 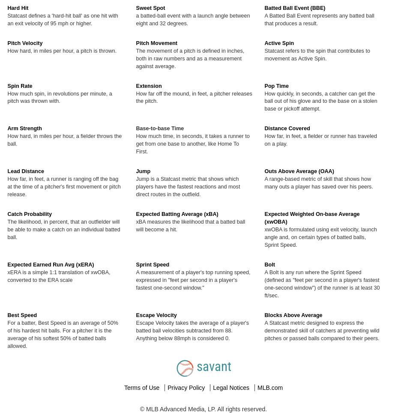 What do you see at coordinates (318, 19) in the screenshot?
I see `'A Batted Ball Event represents any batted ball that
                        produces a result.'` at bounding box center [318, 19].